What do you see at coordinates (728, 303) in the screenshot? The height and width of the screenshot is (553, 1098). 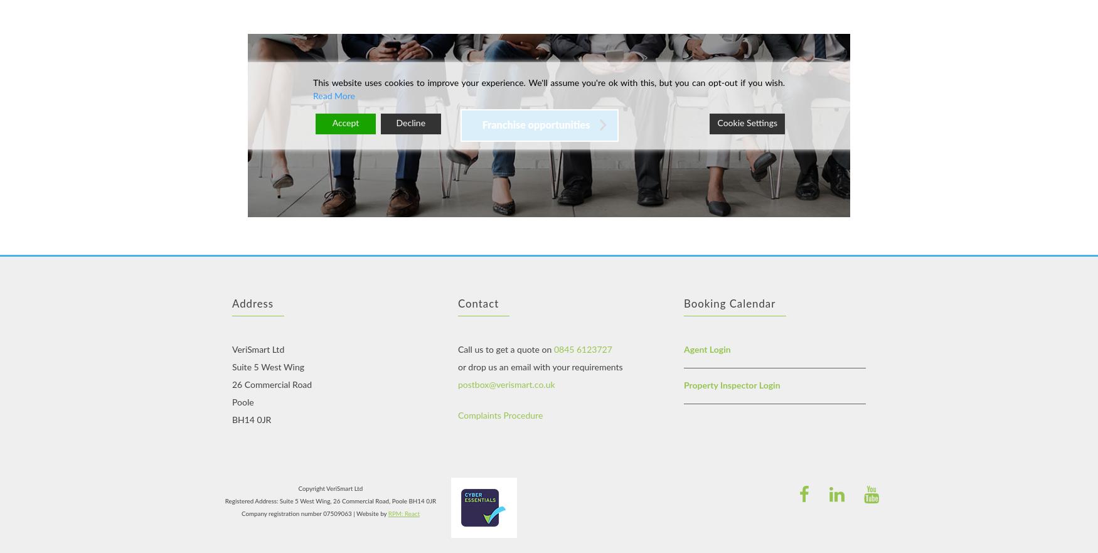 I see `'Booking Calendar'` at bounding box center [728, 303].